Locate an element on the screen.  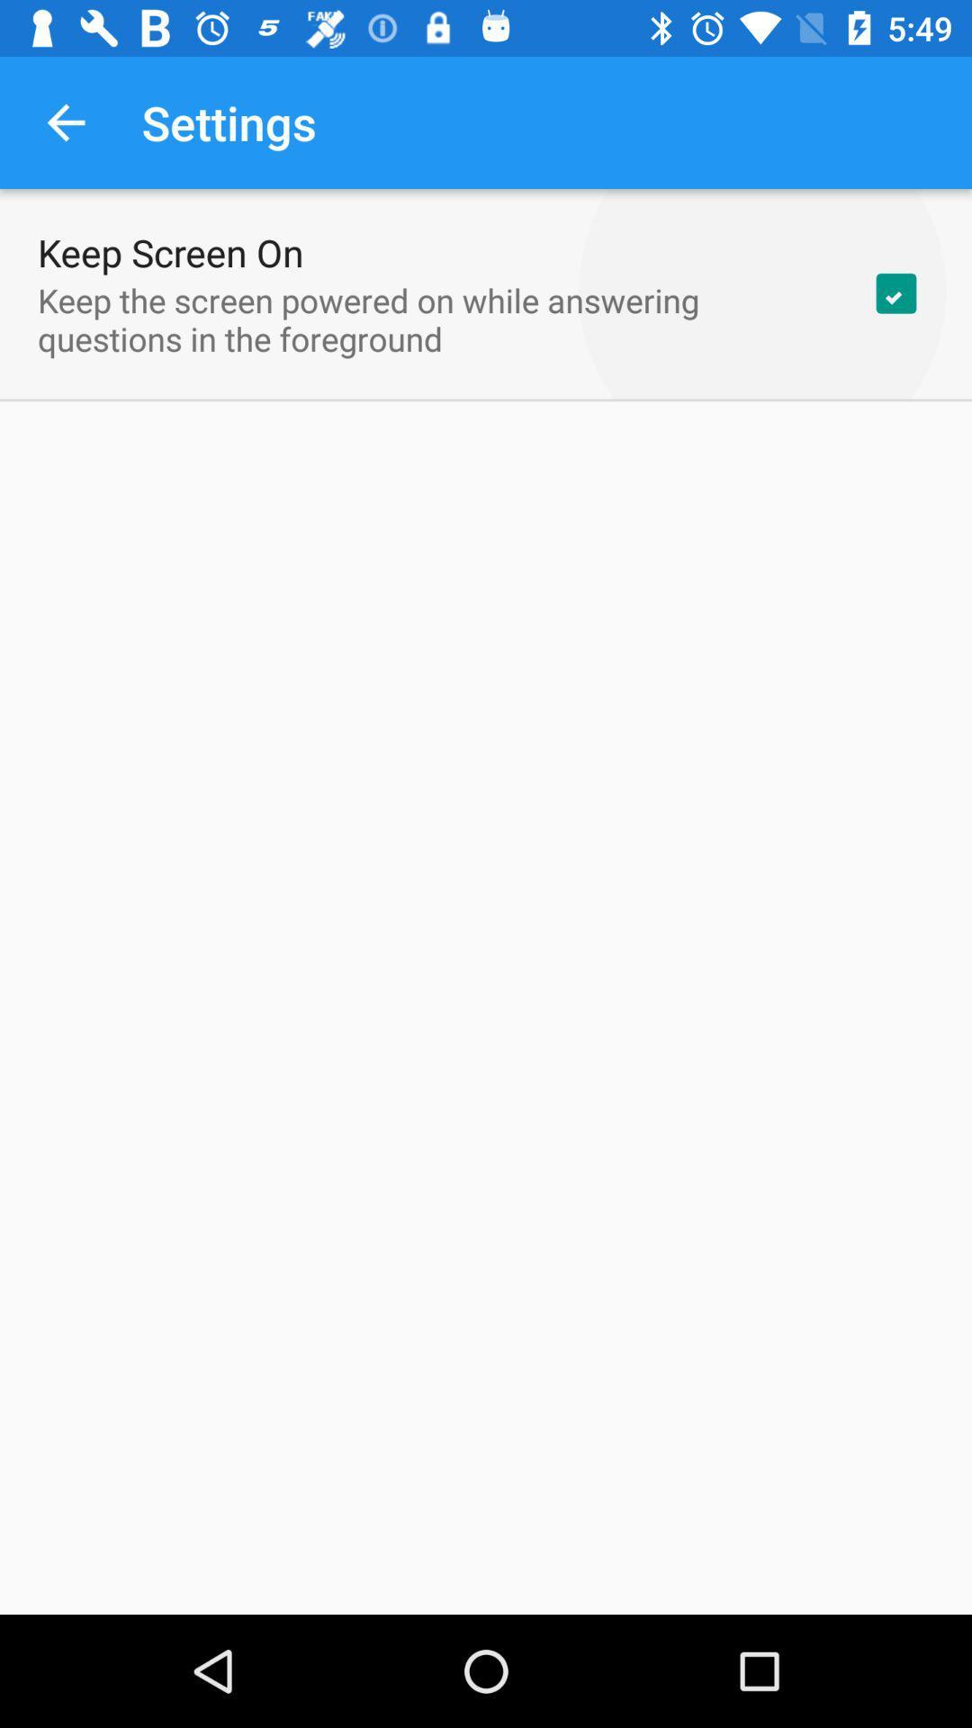
item next to the settings app is located at coordinates (65, 121).